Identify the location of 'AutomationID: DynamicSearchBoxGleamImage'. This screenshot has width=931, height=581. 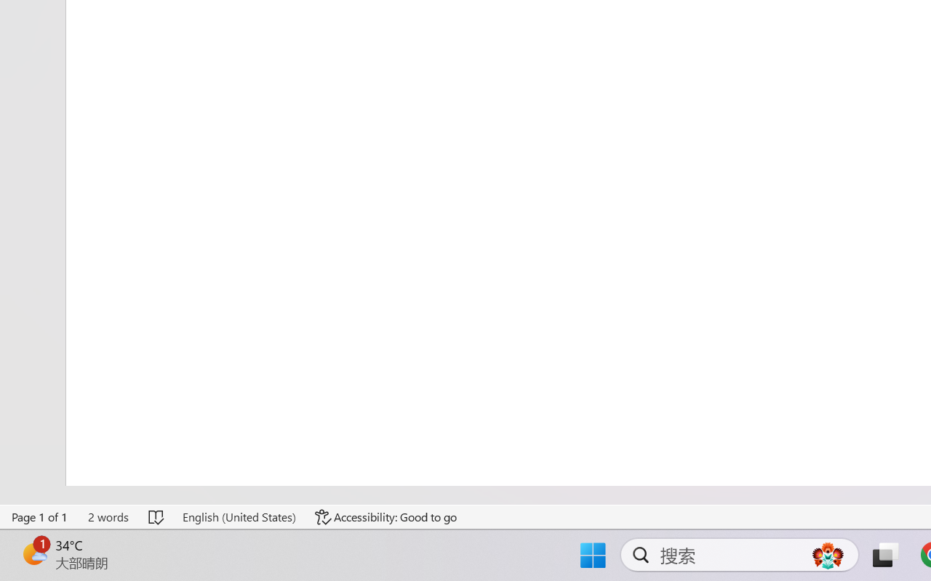
(828, 555).